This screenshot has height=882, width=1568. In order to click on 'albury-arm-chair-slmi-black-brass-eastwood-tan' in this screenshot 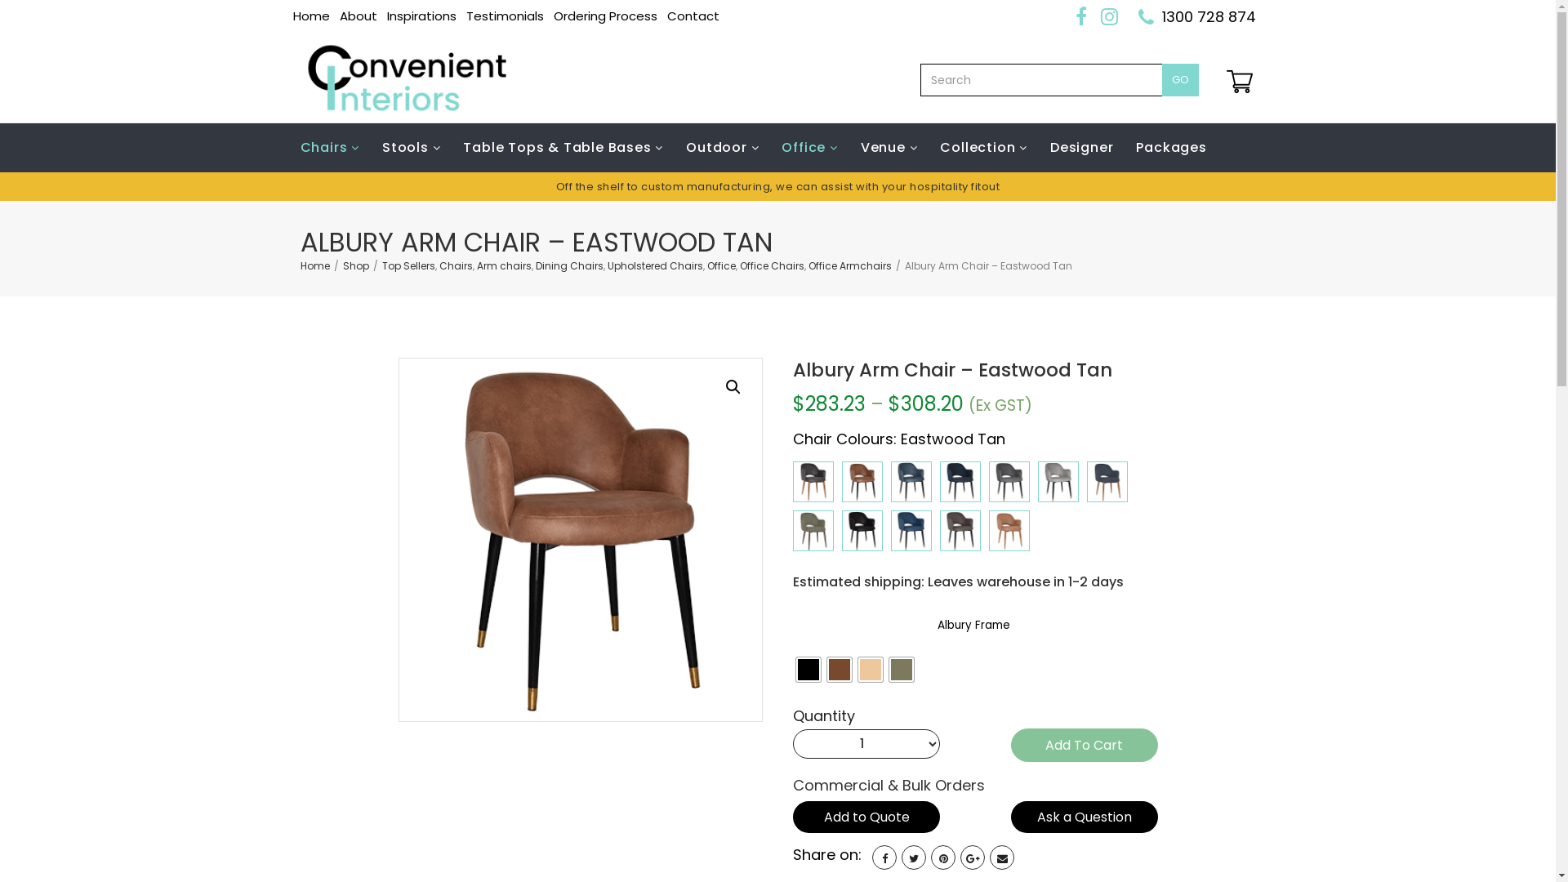, I will do `click(580, 539)`.